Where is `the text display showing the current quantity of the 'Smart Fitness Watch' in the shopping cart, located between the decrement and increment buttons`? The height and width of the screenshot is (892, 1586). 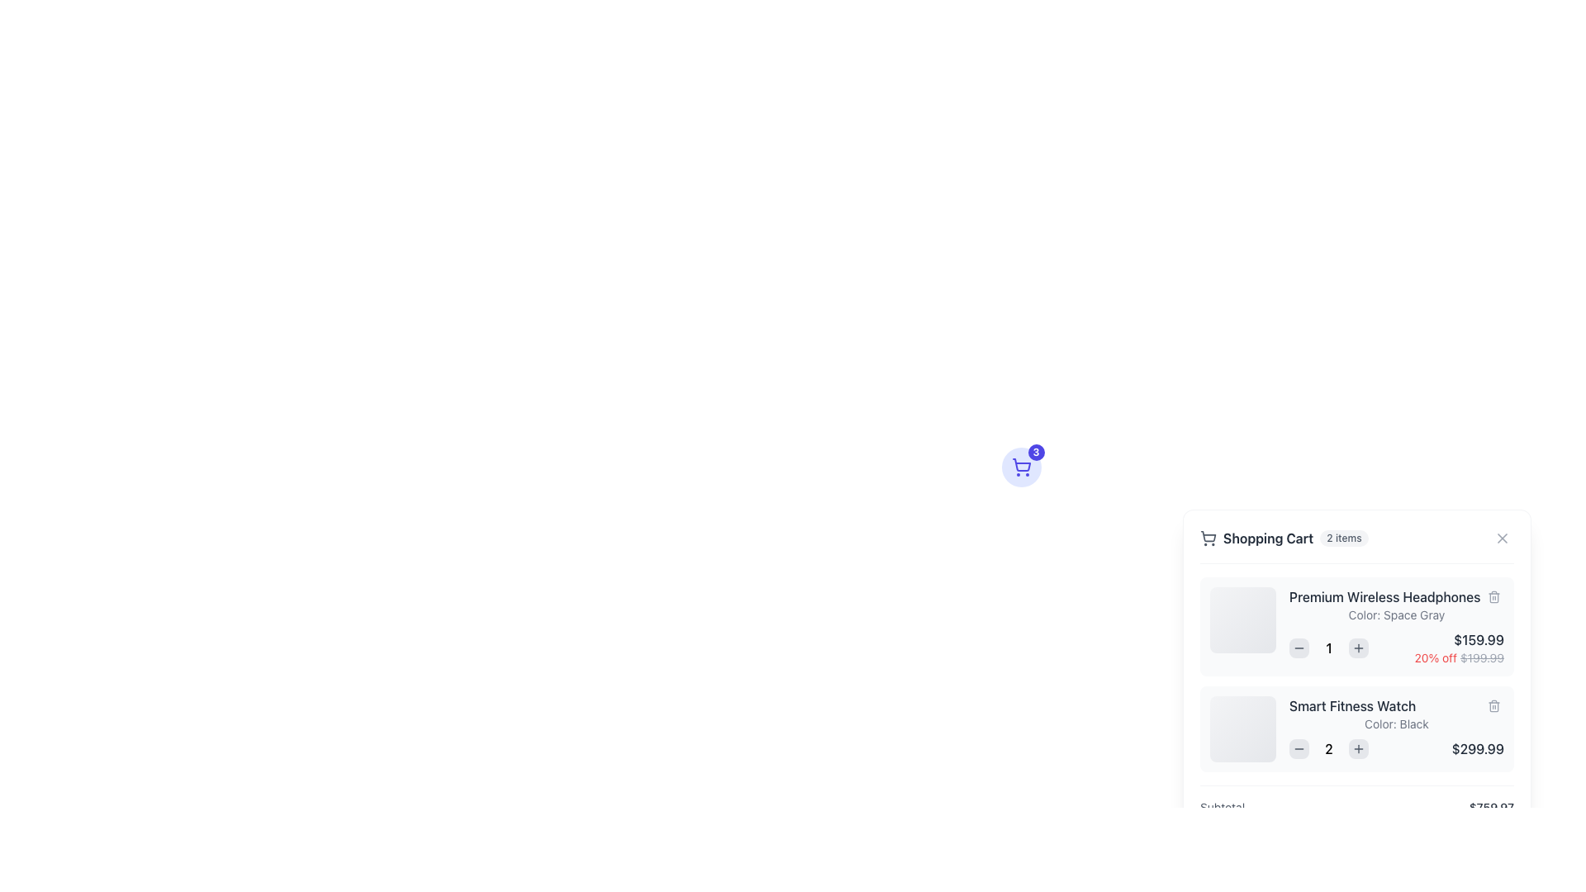
the text display showing the current quantity of the 'Smart Fitness Watch' in the shopping cart, located between the decrement and increment buttons is located at coordinates (1328, 748).